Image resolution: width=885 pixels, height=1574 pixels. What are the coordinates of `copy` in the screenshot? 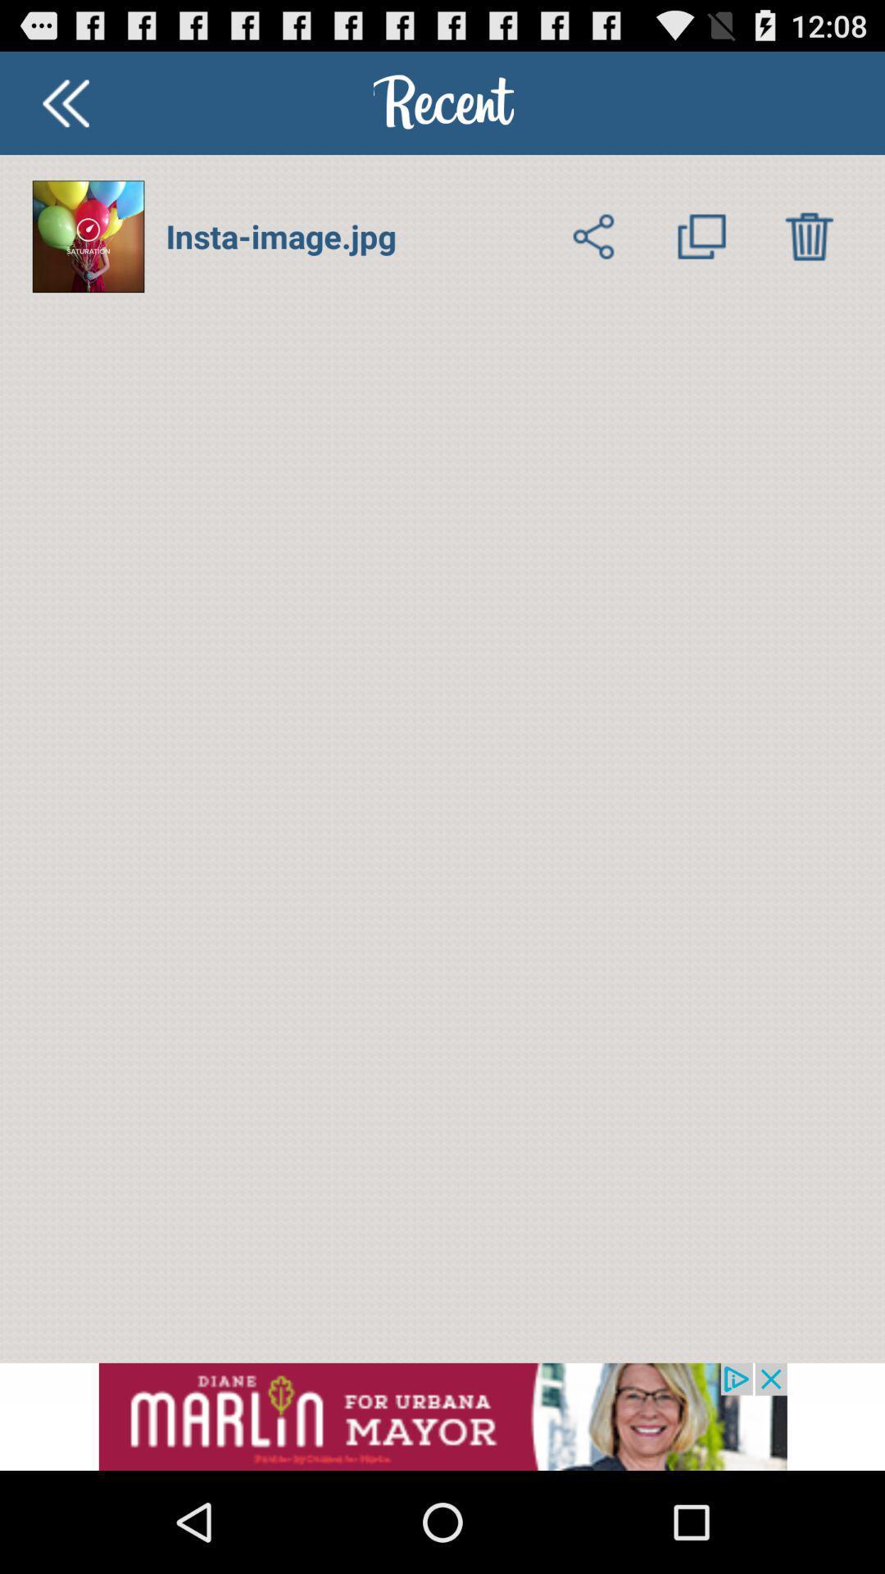 It's located at (701, 235).